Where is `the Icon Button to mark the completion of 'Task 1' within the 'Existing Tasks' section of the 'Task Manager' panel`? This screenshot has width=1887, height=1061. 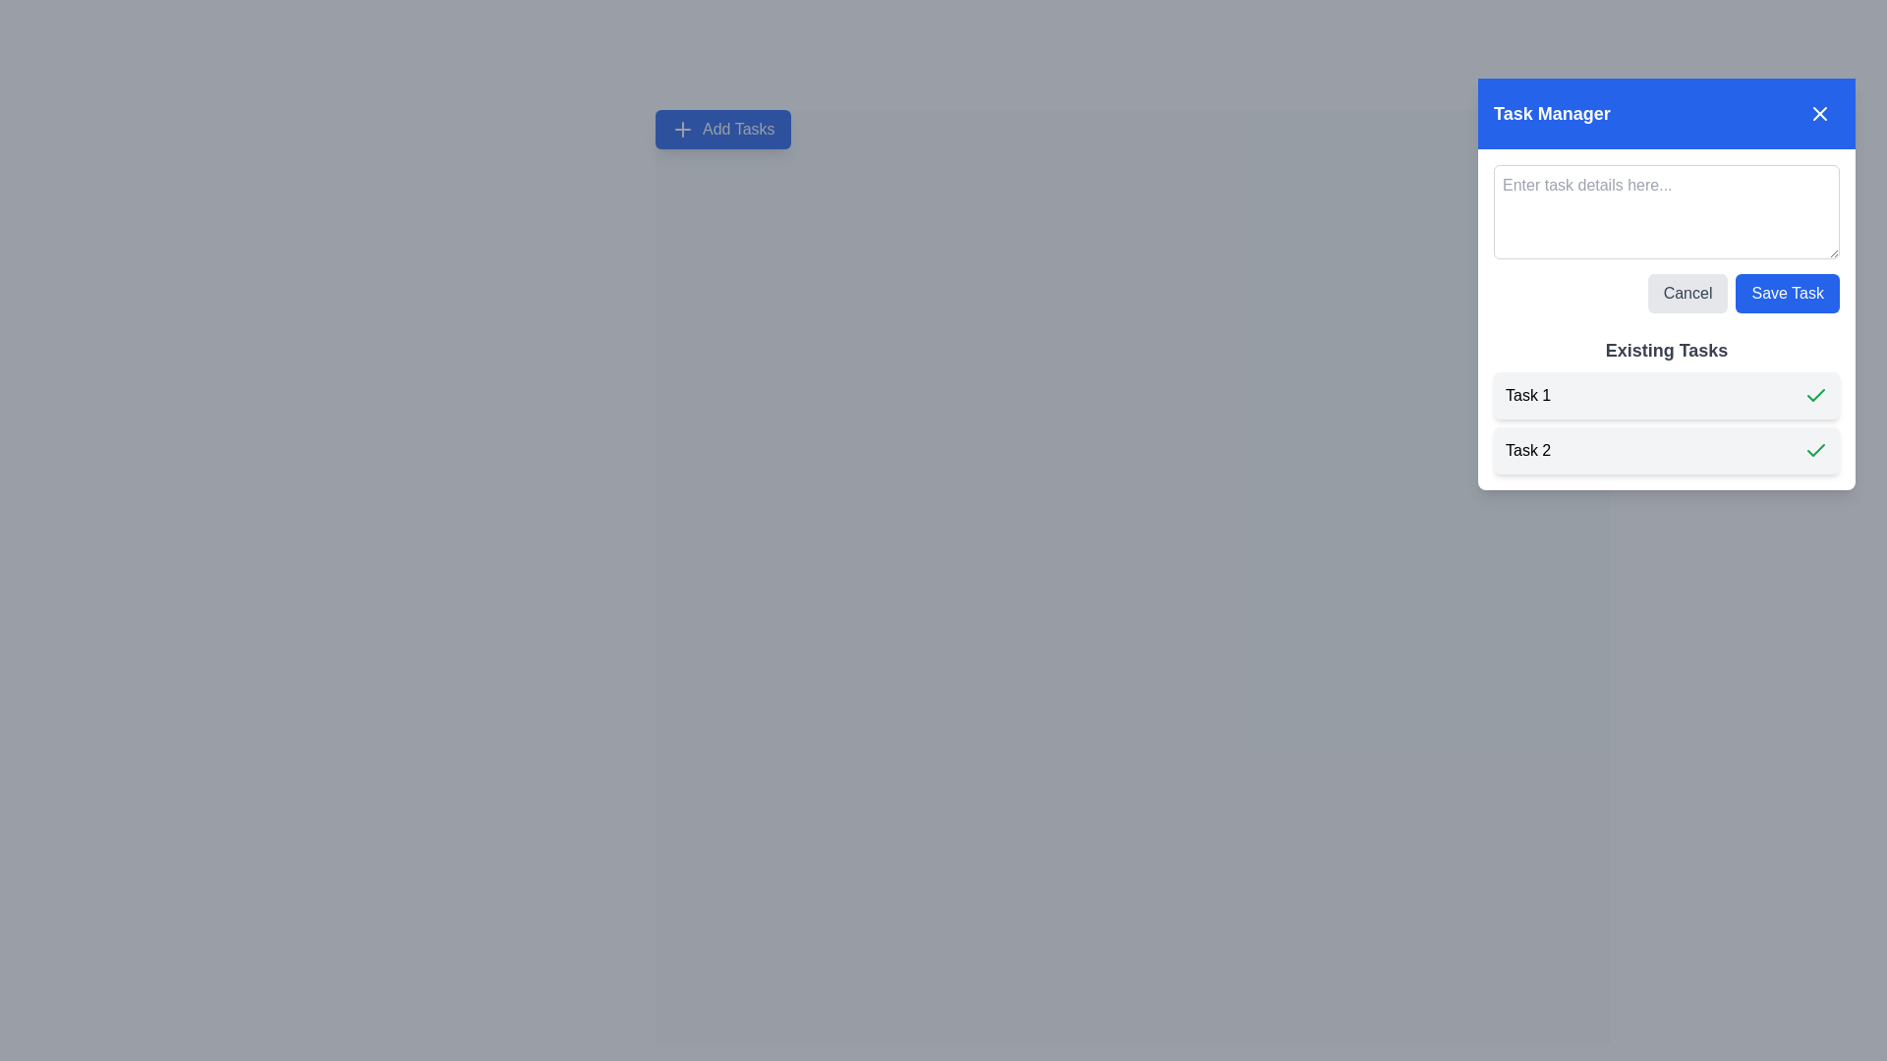 the Icon Button to mark the completion of 'Task 1' within the 'Existing Tasks' section of the 'Task Manager' panel is located at coordinates (1815, 395).